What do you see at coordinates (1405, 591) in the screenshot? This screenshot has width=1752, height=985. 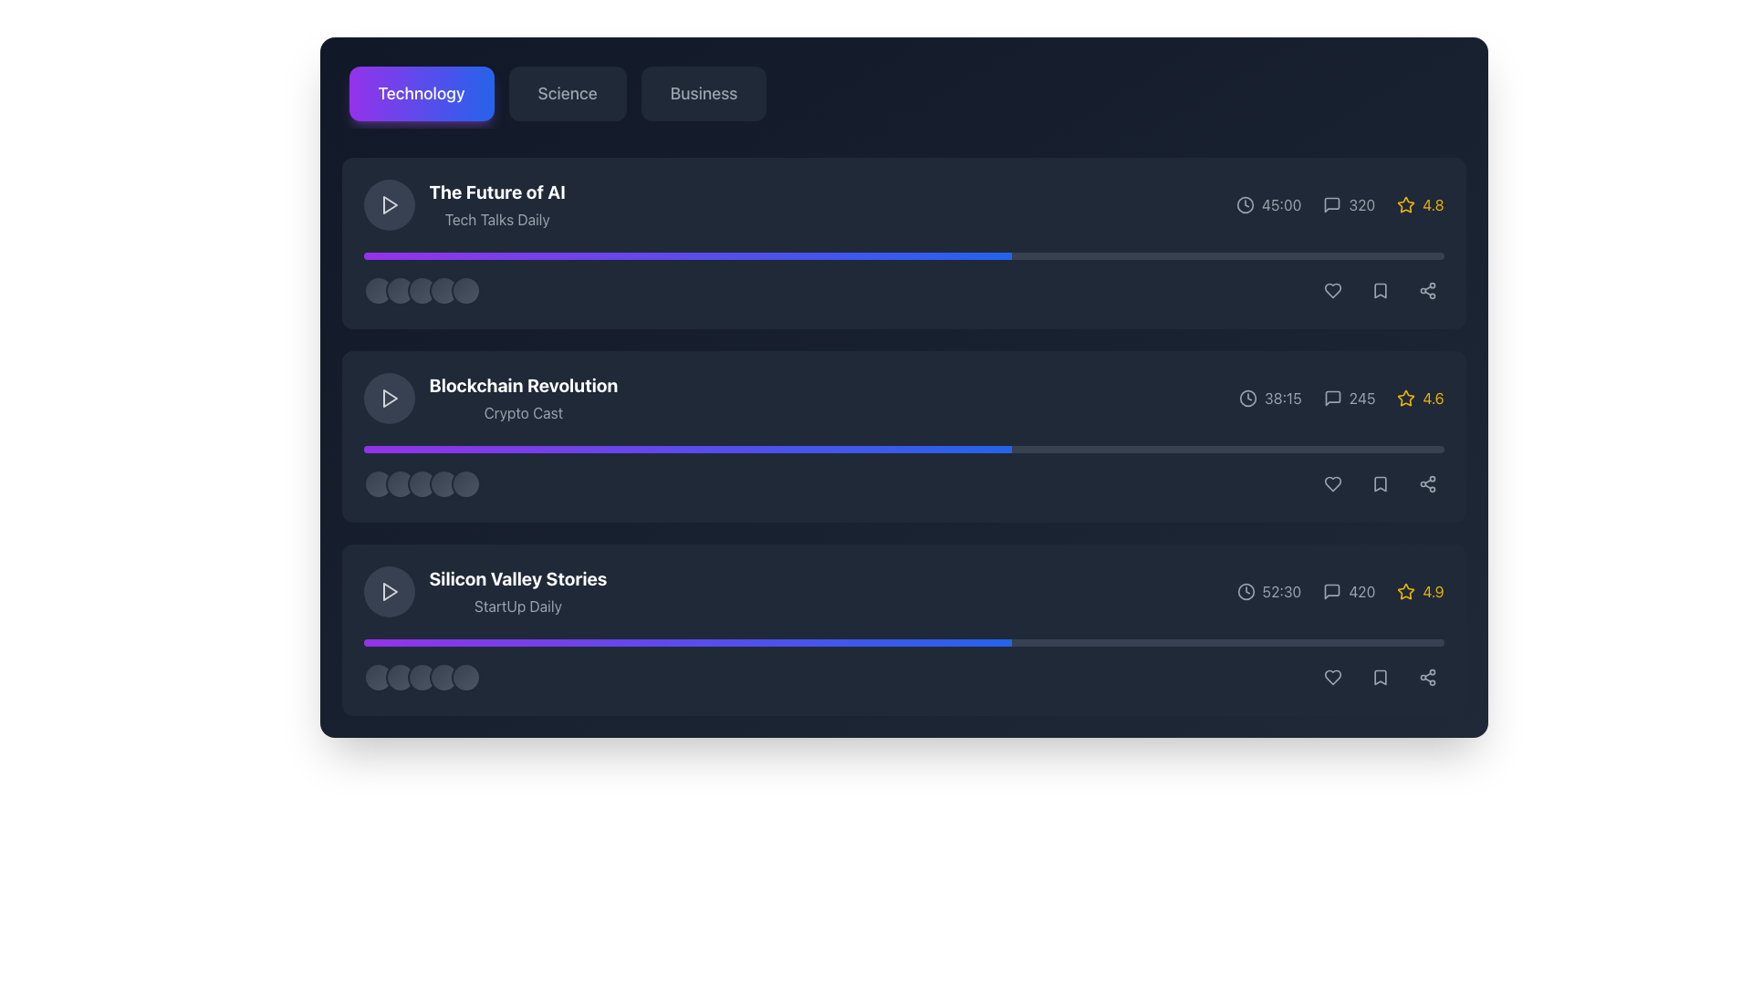 I see `the golden star icon used for rating or marking favorites, located in the bottom-right corner of the 'Silicon Valley Stories' podcast section, adjacent to the rating '4.9'` at bounding box center [1405, 591].